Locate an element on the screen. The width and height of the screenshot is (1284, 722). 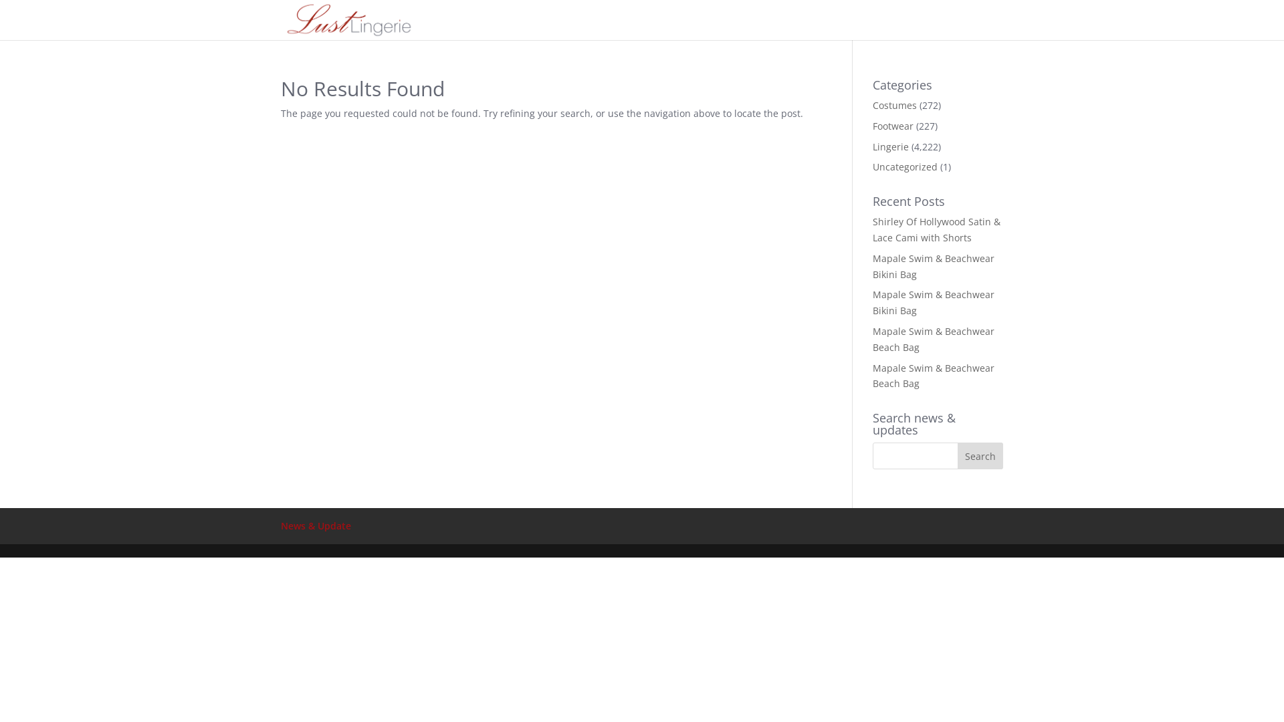
'News & Update' is located at coordinates (280, 525).